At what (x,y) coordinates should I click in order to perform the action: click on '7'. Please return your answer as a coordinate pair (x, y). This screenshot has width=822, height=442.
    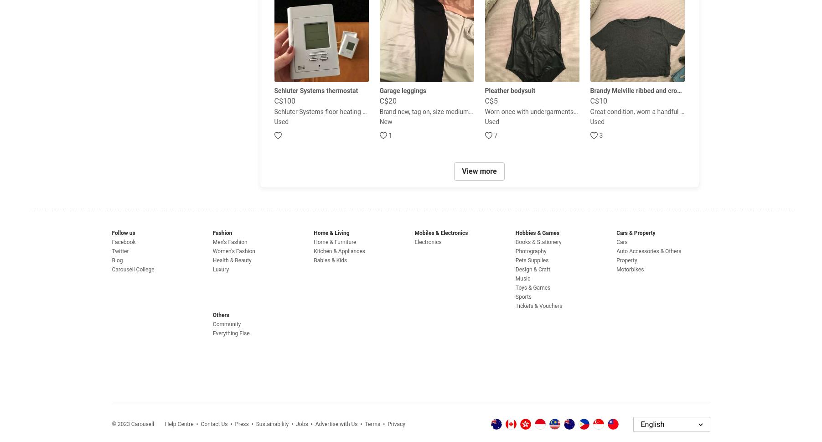
    Looking at the image, I should click on (496, 135).